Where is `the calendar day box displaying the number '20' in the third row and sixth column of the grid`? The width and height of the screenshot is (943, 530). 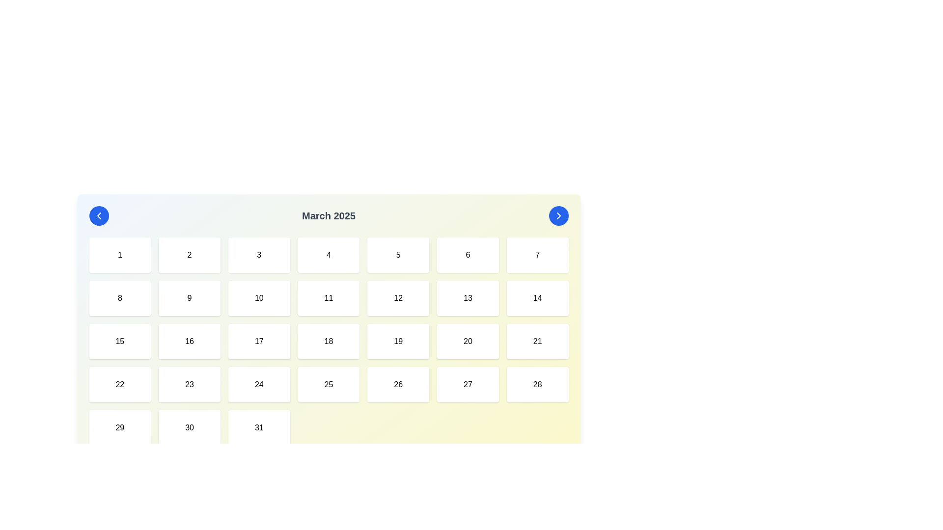
the calendar day box displaying the number '20' in the third row and sixth column of the grid is located at coordinates (467, 341).